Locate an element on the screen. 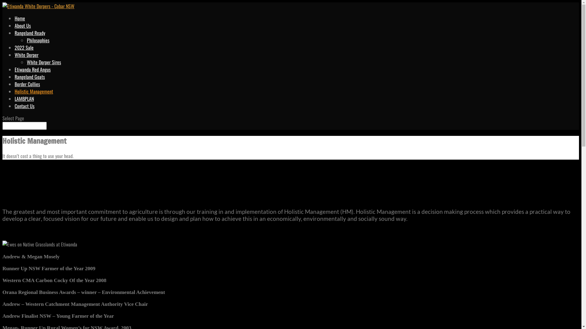 The width and height of the screenshot is (586, 329). 'Etiwanda Red Angus' is located at coordinates (15, 69).